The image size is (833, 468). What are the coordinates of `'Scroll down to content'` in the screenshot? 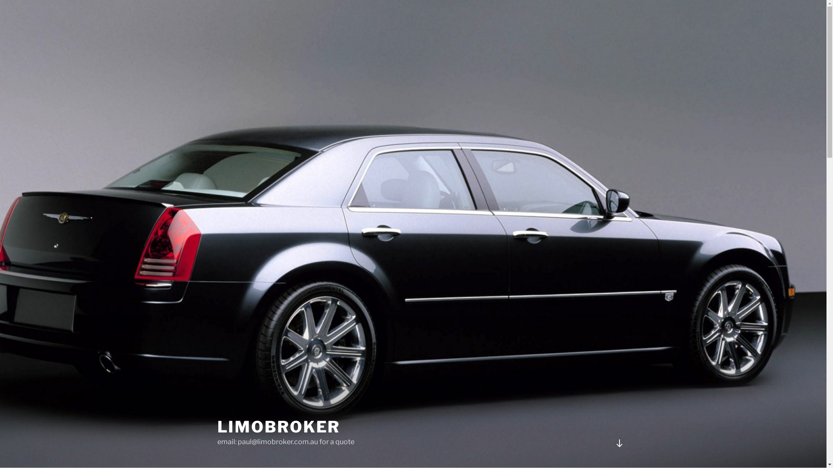 It's located at (618, 443).